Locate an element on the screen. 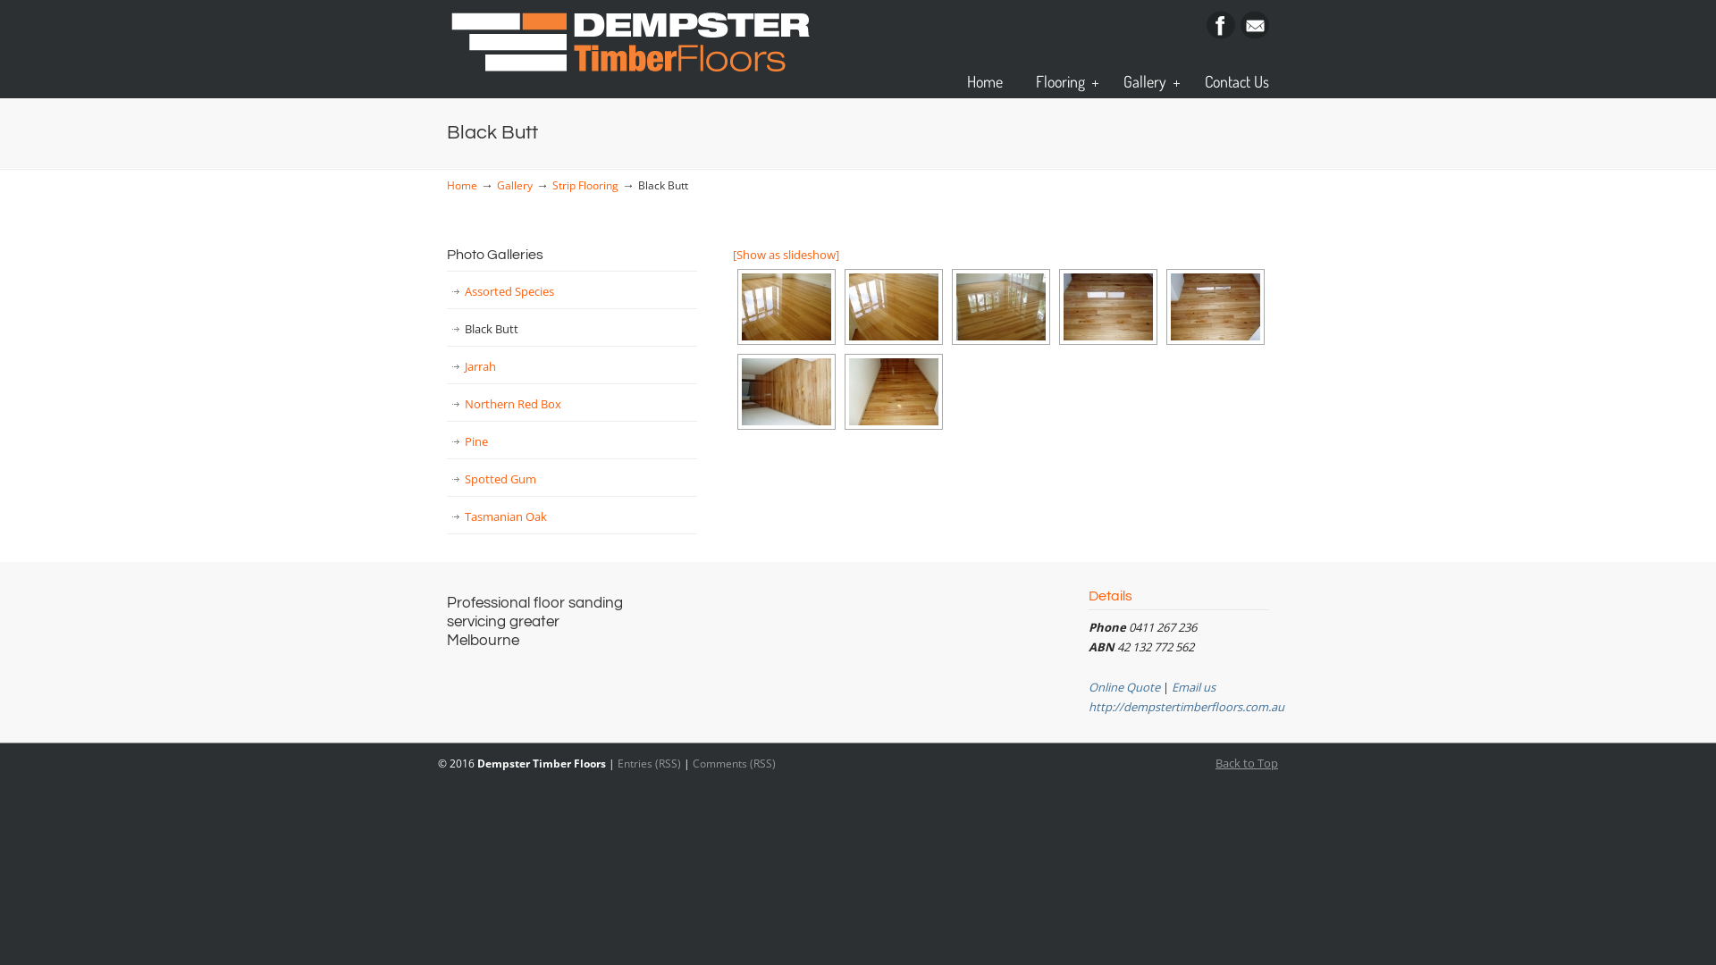  'Online Quote' is located at coordinates (1123, 685).